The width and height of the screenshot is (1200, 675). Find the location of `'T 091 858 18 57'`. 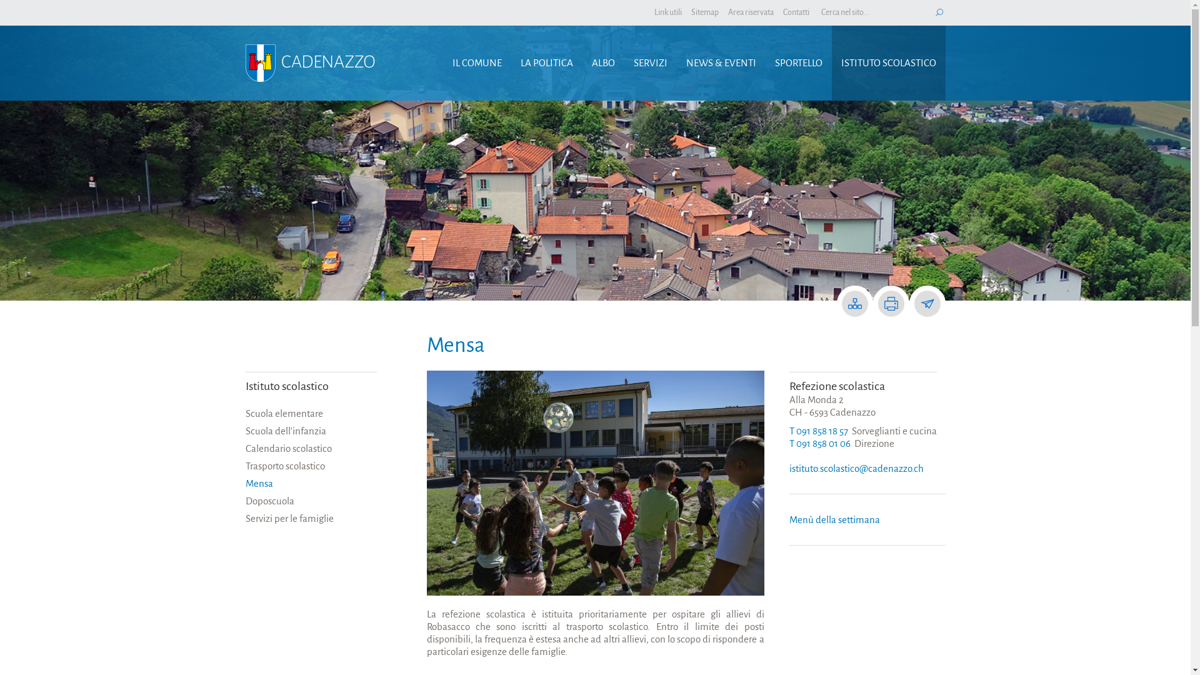

'T 091 858 18 57' is located at coordinates (818, 430).